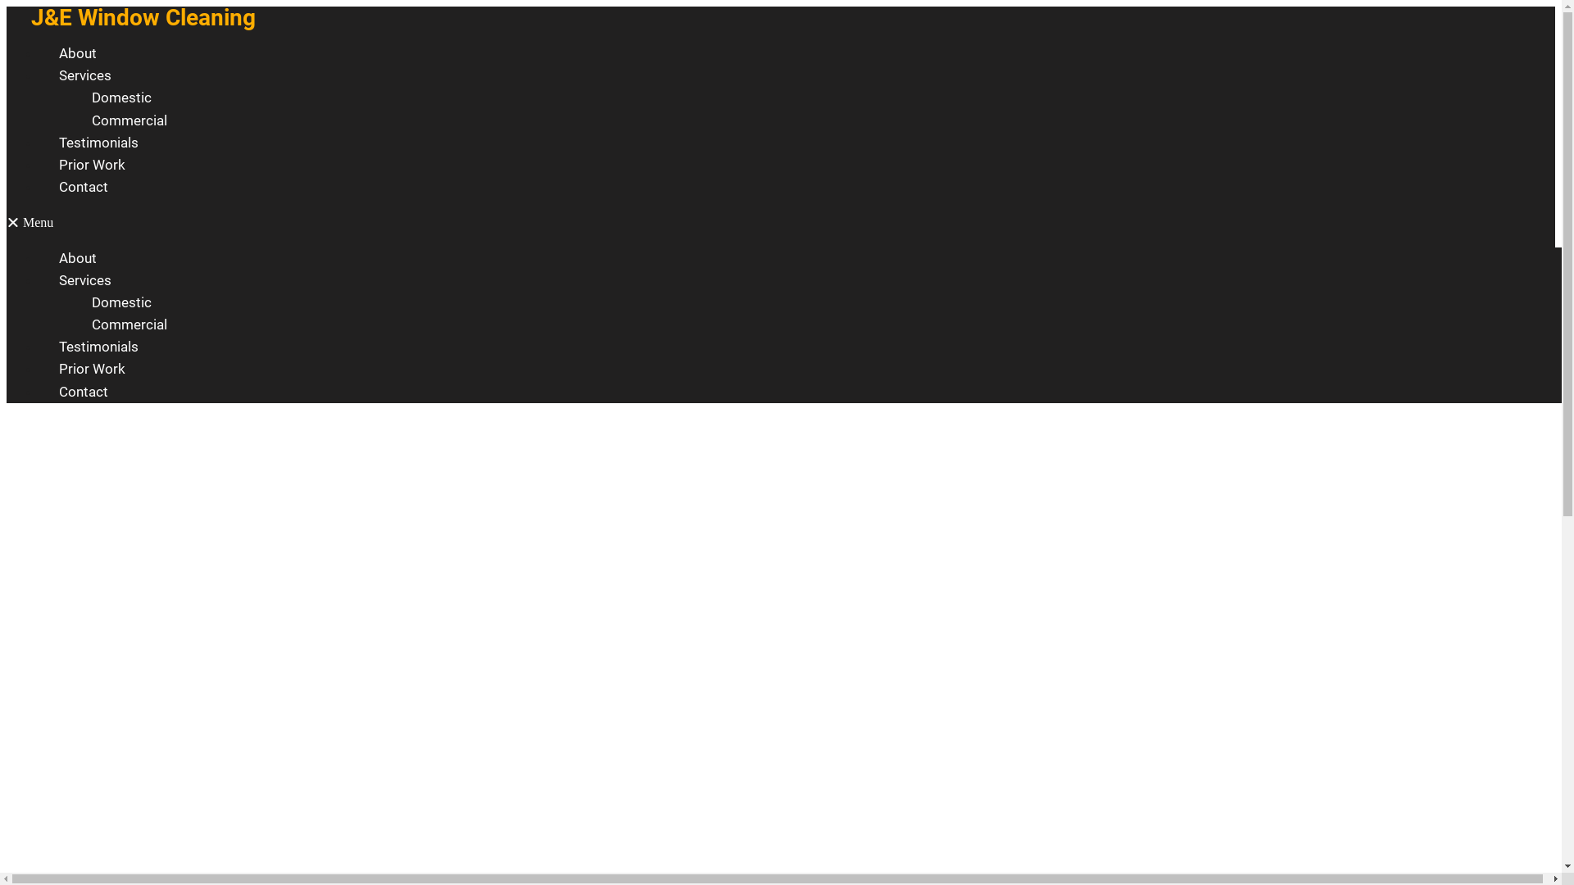 The height and width of the screenshot is (885, 1574). What do you see at coordinates (129, 324) in the screenshot?
I see `'Commercial'` at bounding box center [129, 324].